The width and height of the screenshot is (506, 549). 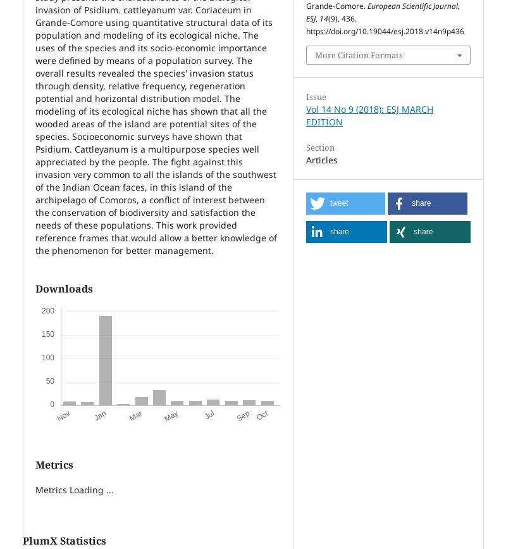 I want to click on 'Vol 14 No 9 (2018): ESJ MARCH EDITION', so click(x=369, y=115).